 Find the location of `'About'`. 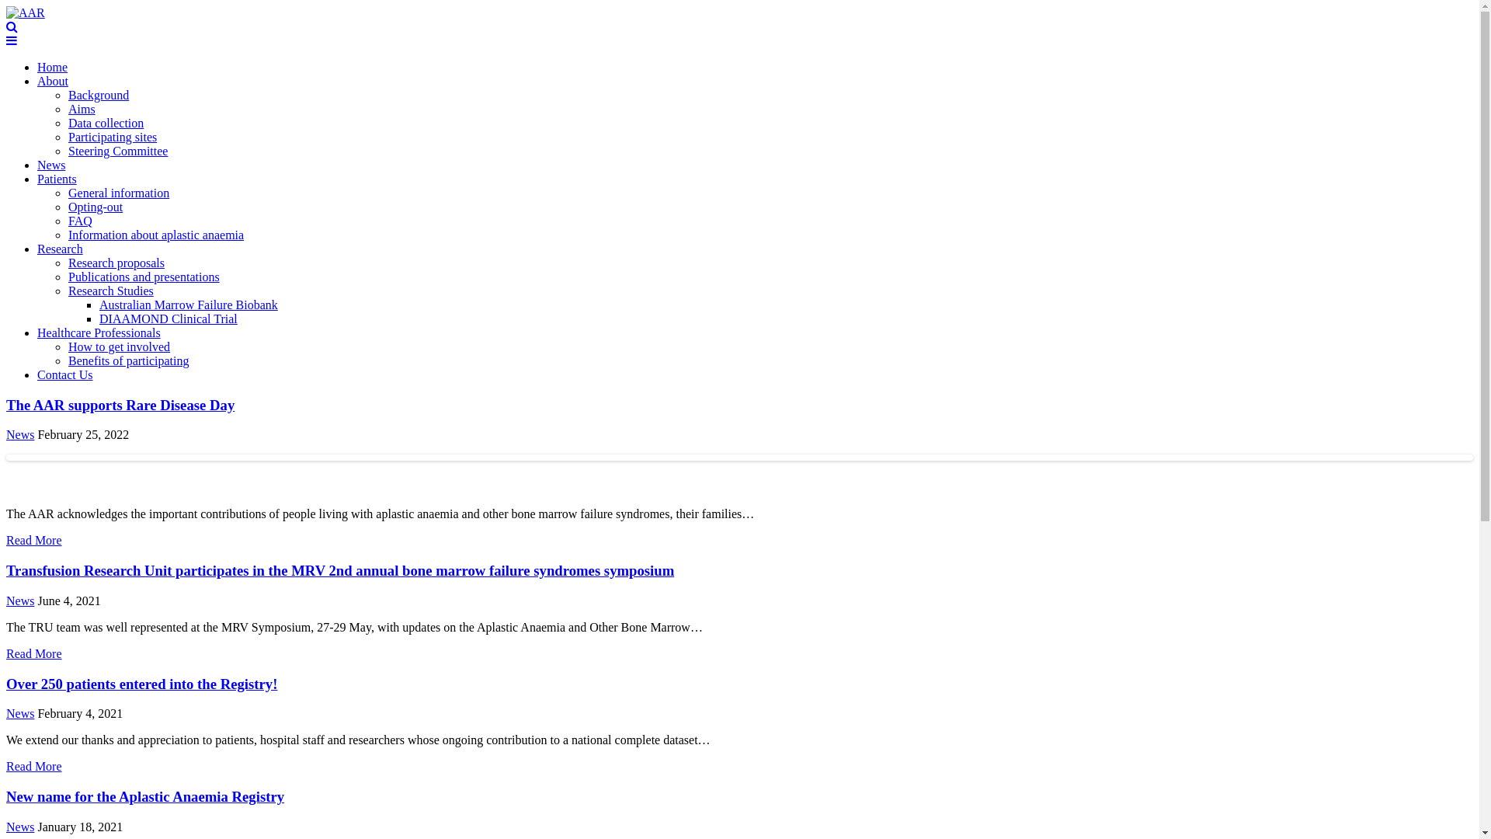

'About' is located at coordinates (52, 81).